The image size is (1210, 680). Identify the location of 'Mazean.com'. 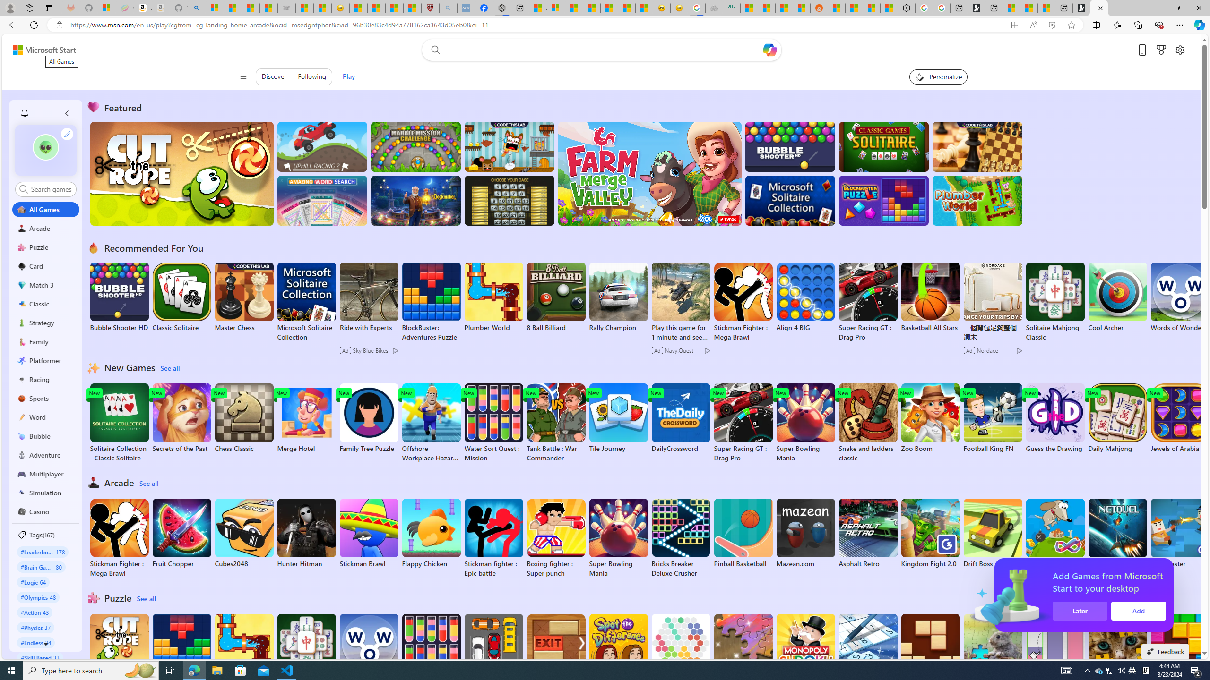
(805, 533).